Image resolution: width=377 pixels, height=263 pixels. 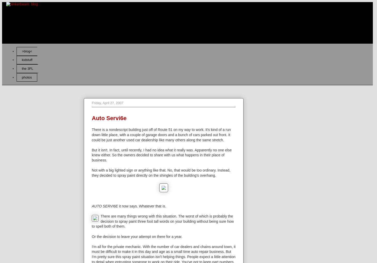 I want to click on 'AUTO SERVI6E', so click(x=105, y=206).